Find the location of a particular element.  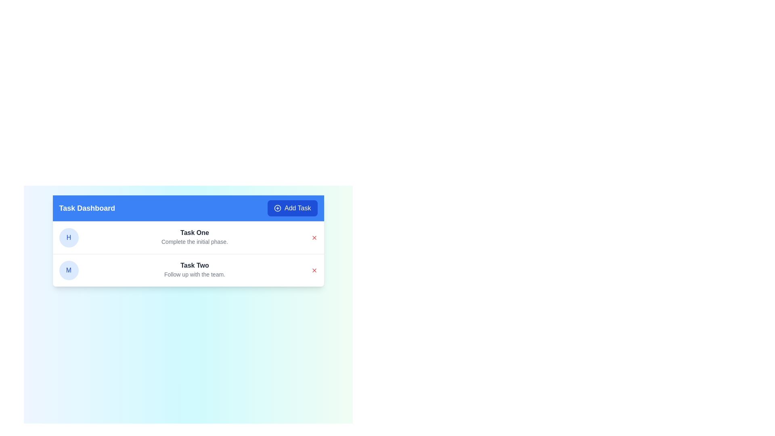

the center of the circular badge with a blue background and the letter 'M' to focus on it is located at coordinates (69, 270).